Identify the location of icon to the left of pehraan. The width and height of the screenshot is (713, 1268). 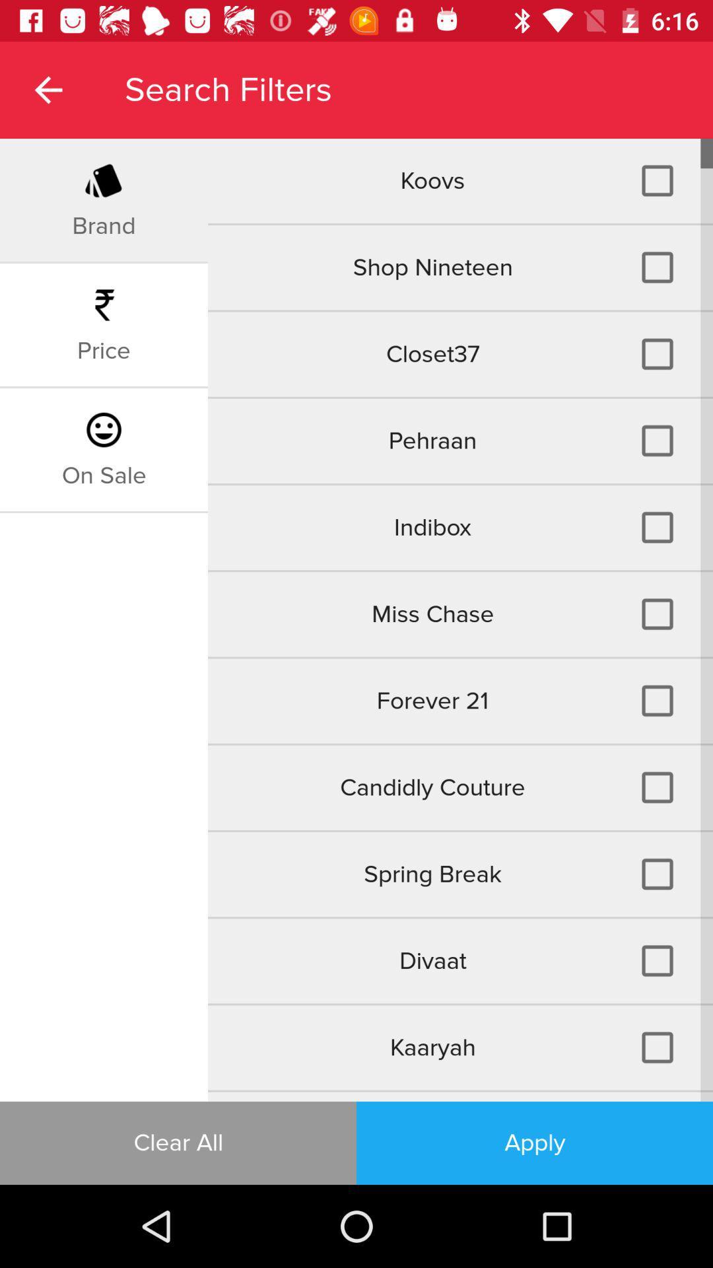
(103, 475).